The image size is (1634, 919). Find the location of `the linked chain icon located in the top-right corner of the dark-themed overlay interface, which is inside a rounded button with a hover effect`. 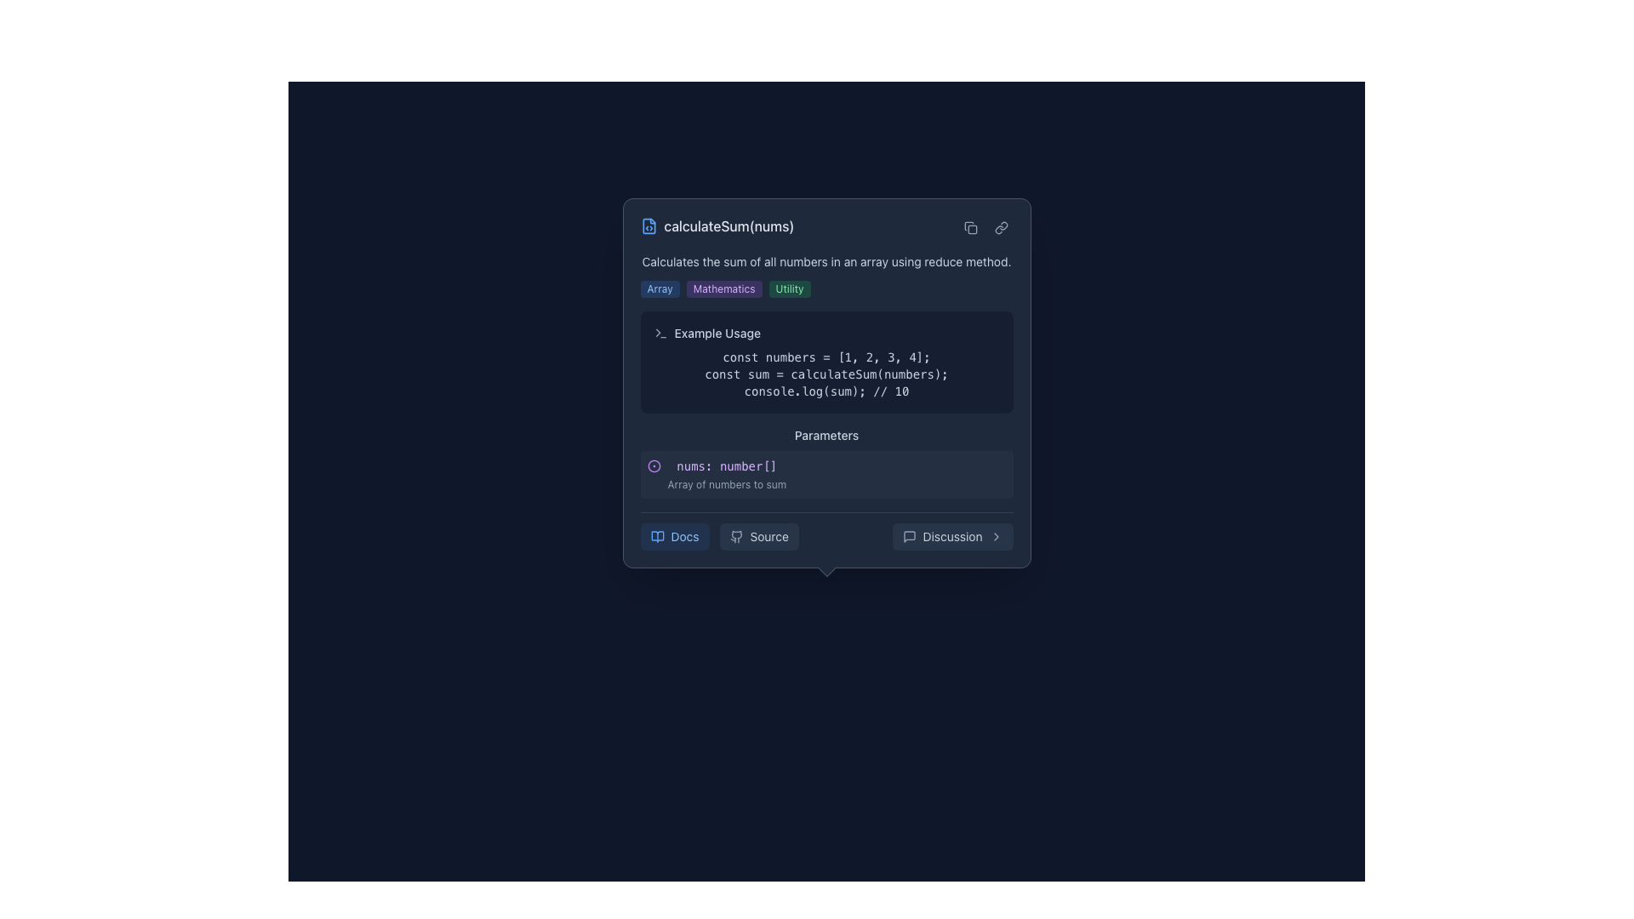

the linked chain icon located in the top-right corner of the dark-themed overlay interface, which is inside a rounded button with a hover effect is located at coordinates (1001, 226).